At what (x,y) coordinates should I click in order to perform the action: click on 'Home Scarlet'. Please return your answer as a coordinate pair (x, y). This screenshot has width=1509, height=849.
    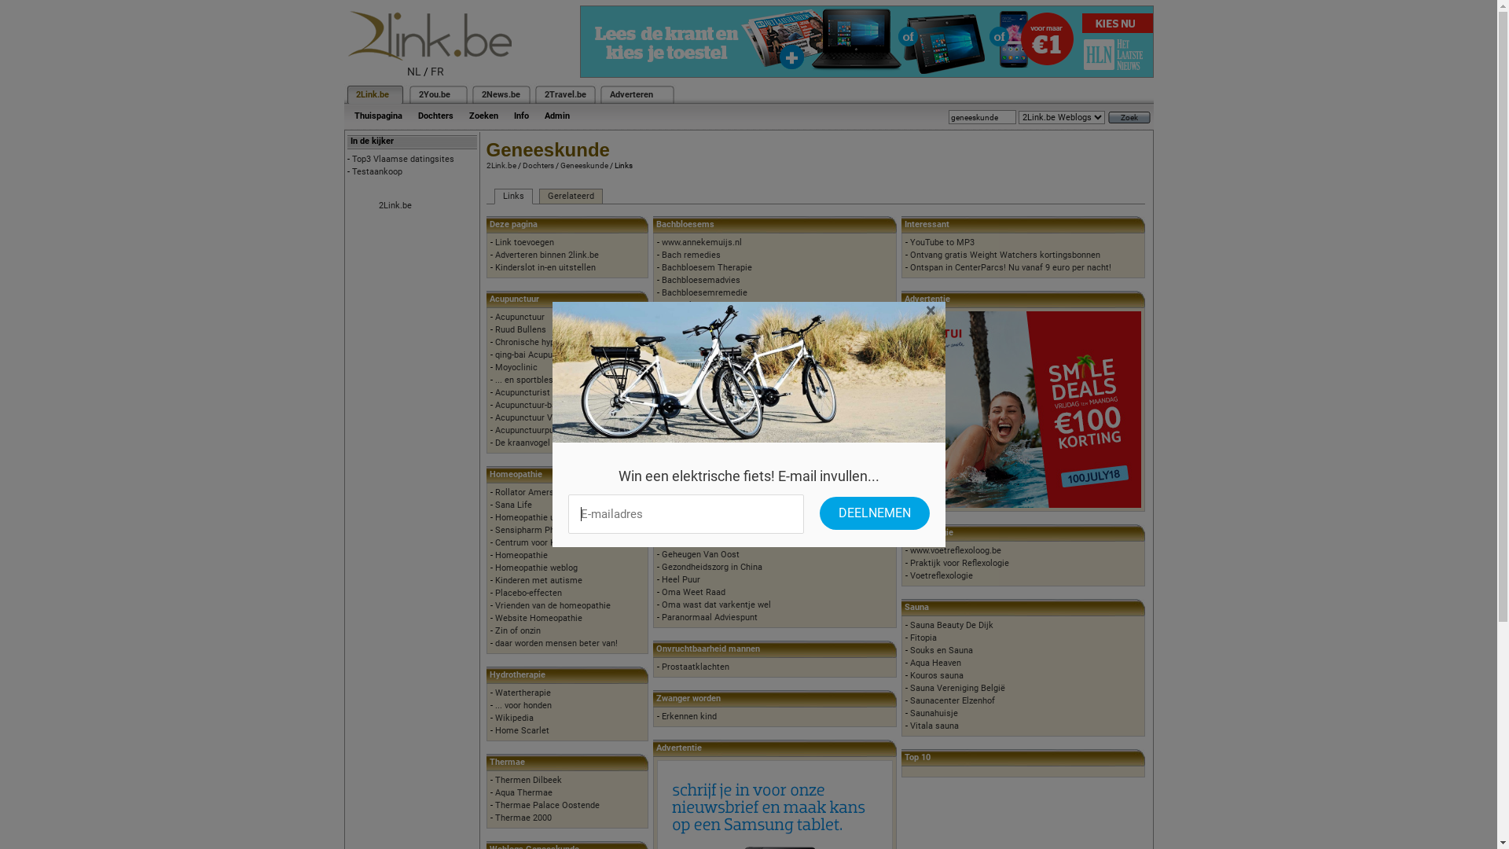
    Looking at the image, I should click on (494, 730).